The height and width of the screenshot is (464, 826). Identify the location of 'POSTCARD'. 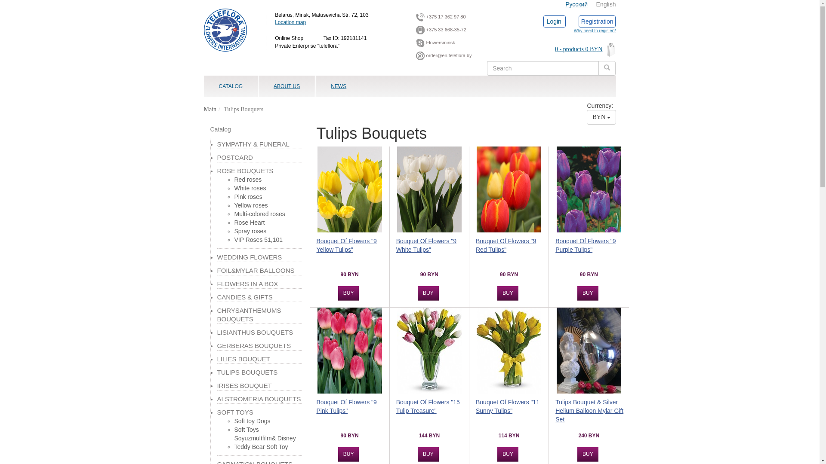
(234, 157).